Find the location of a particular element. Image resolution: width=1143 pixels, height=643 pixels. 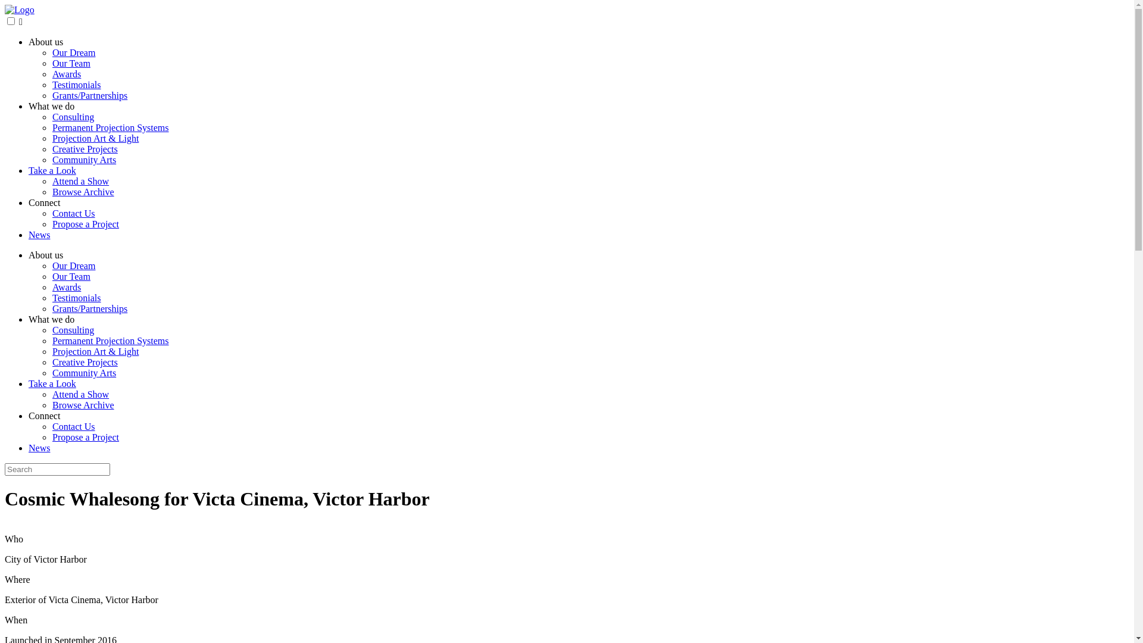

'Awards' is located at coordinates (65, 74).